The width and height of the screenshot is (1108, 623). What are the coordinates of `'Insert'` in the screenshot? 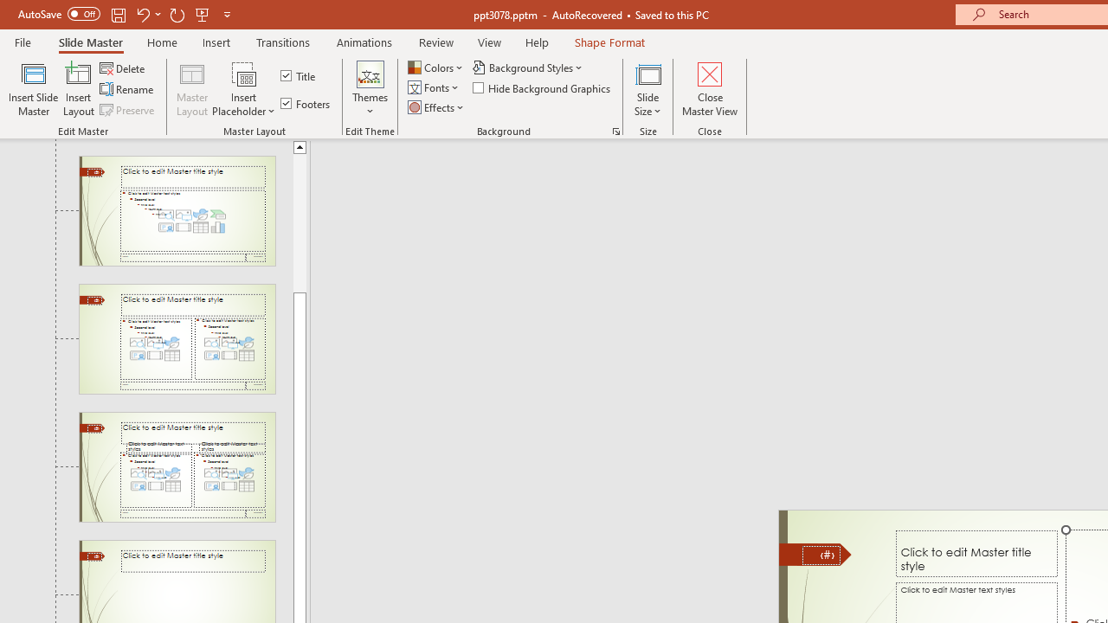 It's located at (216, 42).